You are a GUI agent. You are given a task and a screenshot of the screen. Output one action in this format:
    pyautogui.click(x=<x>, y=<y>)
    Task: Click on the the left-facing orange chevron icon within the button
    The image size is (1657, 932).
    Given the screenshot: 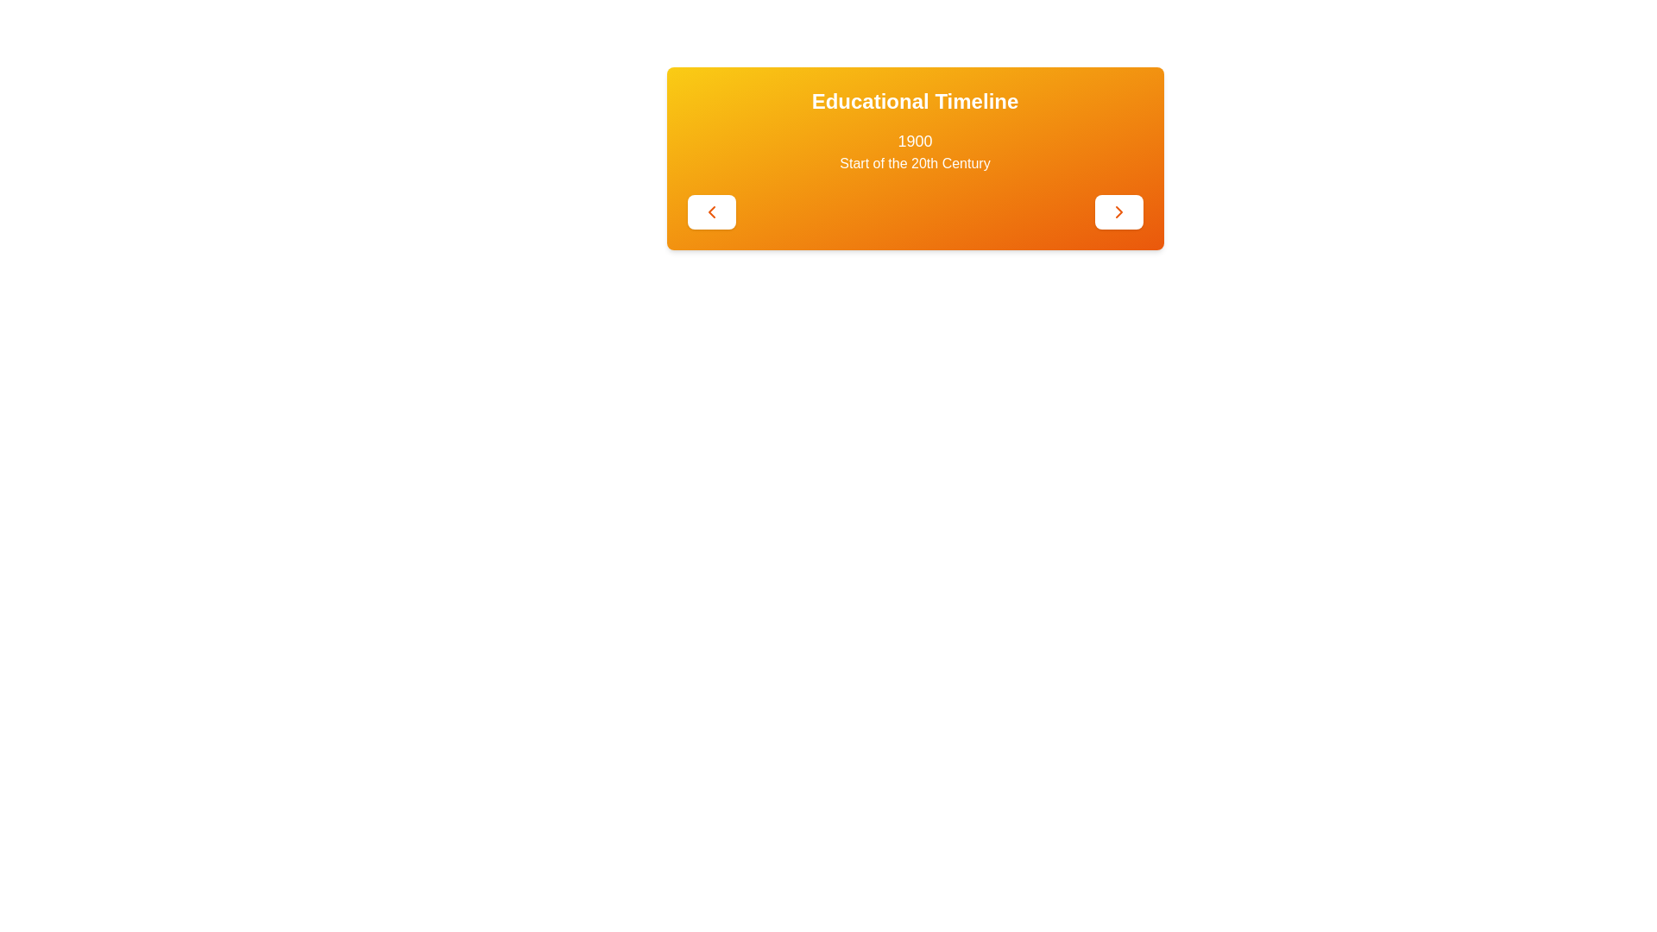 What is the action you would take?
    pyautogui.click(x=711, y=211)
    